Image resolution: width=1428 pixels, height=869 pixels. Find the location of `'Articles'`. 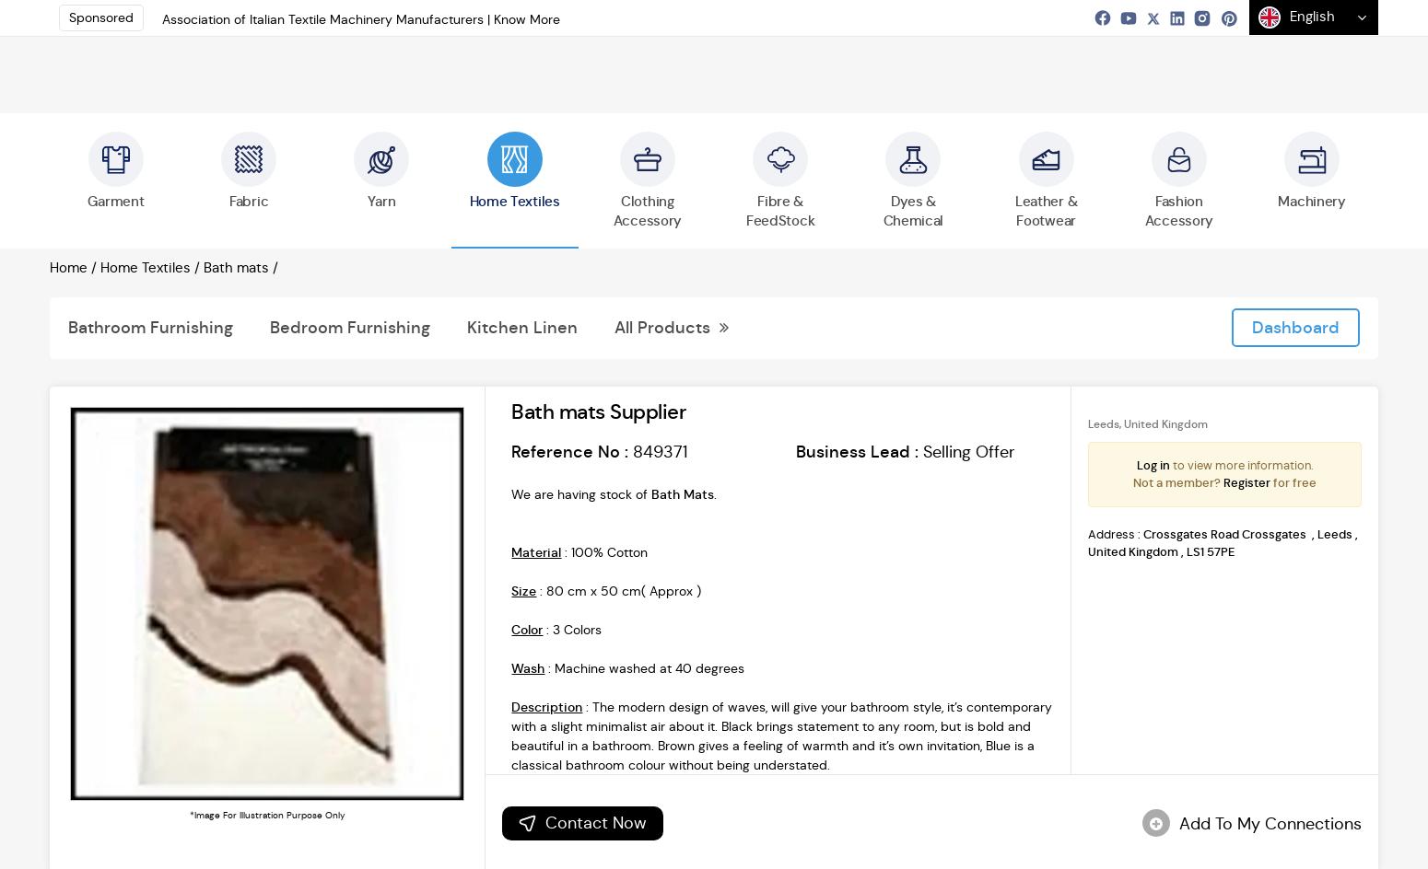

'Articles' is located at coordinates (897, 161).